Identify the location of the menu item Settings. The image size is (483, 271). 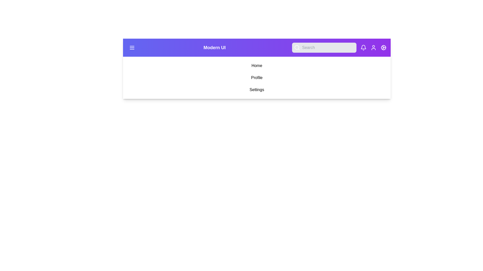
(257, 90).